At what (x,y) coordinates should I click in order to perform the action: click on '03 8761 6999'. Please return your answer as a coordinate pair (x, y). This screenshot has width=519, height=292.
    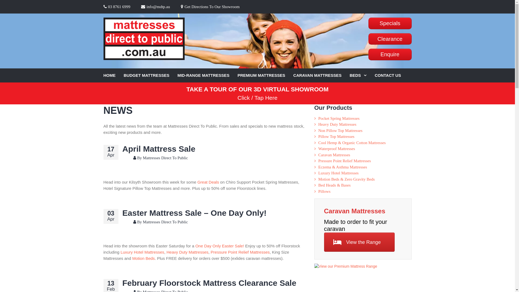
    Looking at the image, I should click on (103, 6).